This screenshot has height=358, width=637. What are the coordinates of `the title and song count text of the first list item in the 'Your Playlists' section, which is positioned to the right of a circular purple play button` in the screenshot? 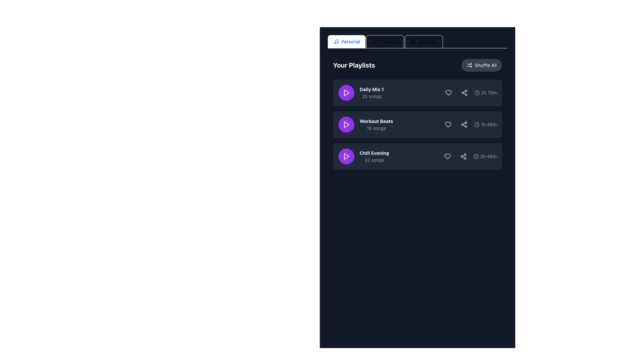 It's located at (372, 93).